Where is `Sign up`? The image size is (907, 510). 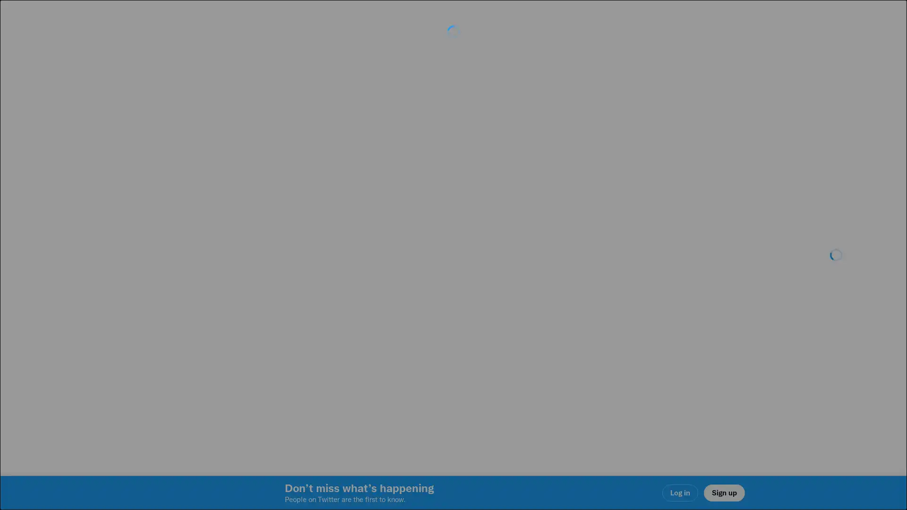 Sign up is located at coordinates (341, 322).